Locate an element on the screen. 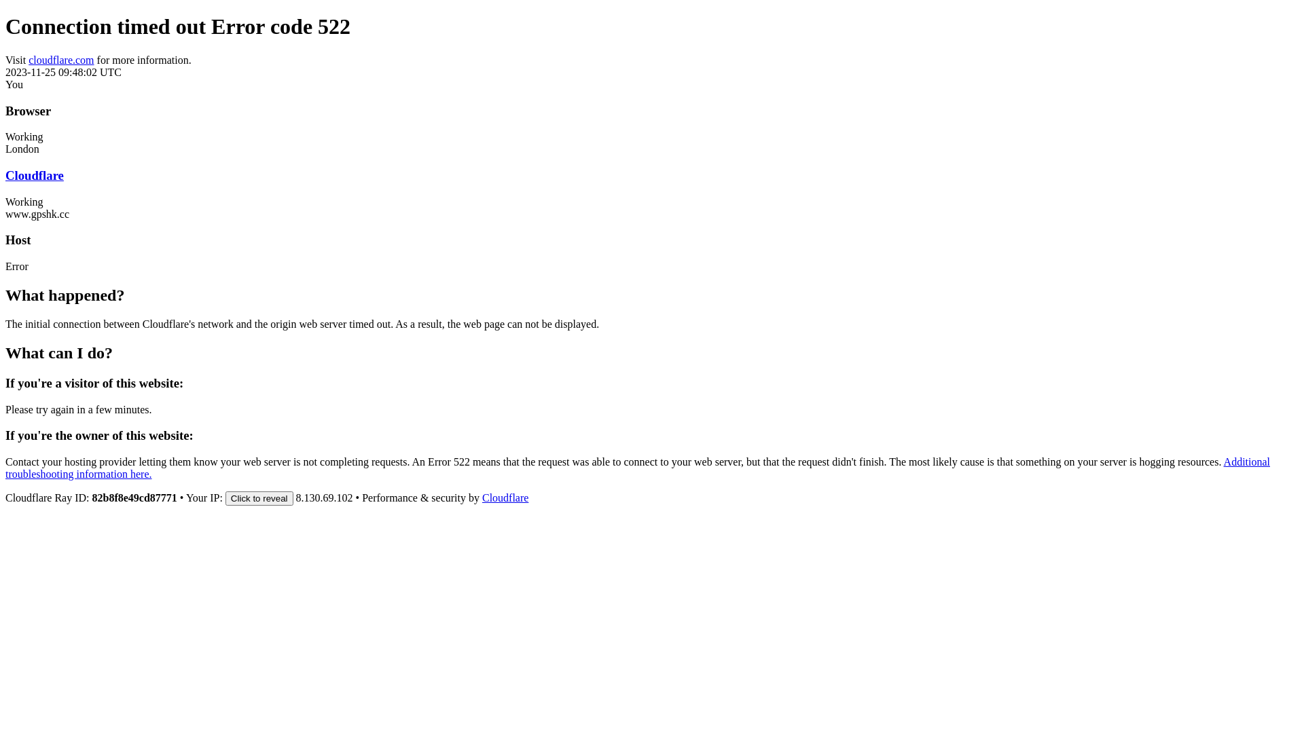  'cloudflare.com' is located at coordinates (60, 59).